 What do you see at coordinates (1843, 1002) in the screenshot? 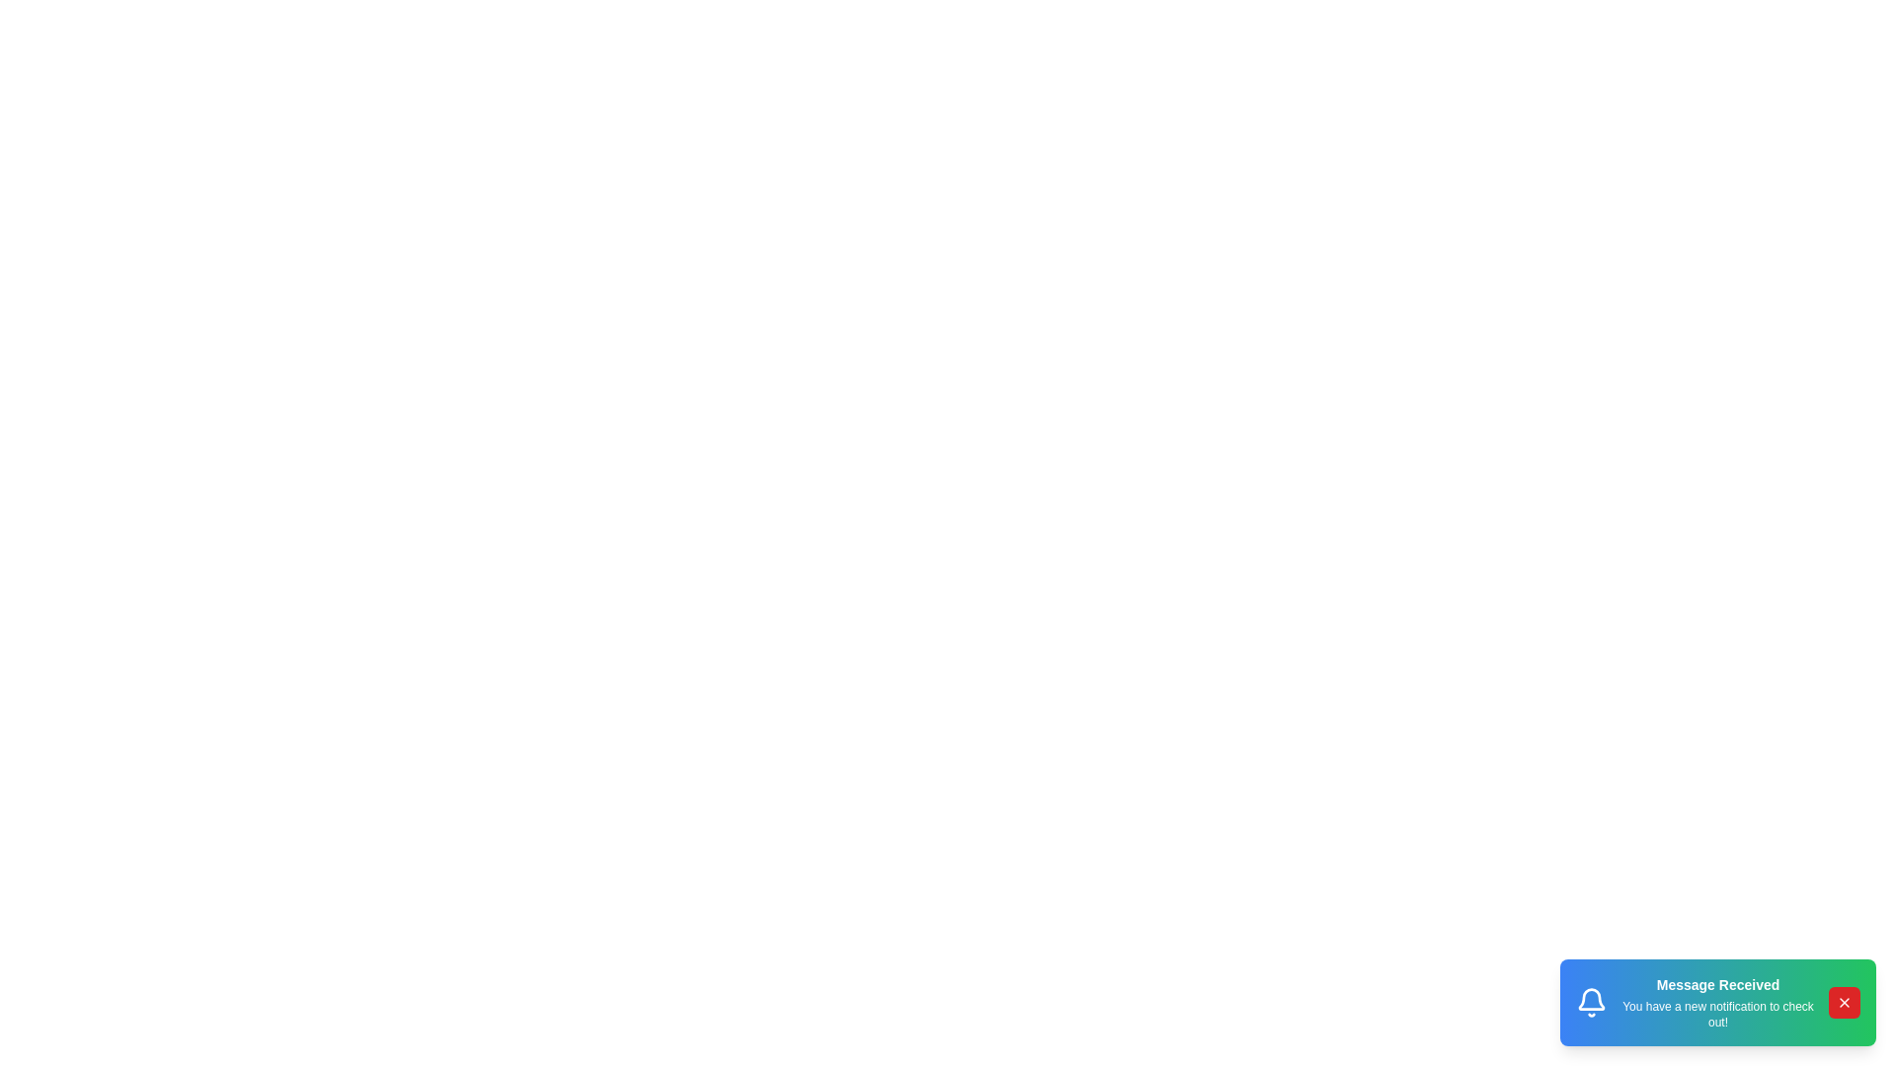
I see `the close button of the notification to dismiss it` at bounding box center [1843, 1002].